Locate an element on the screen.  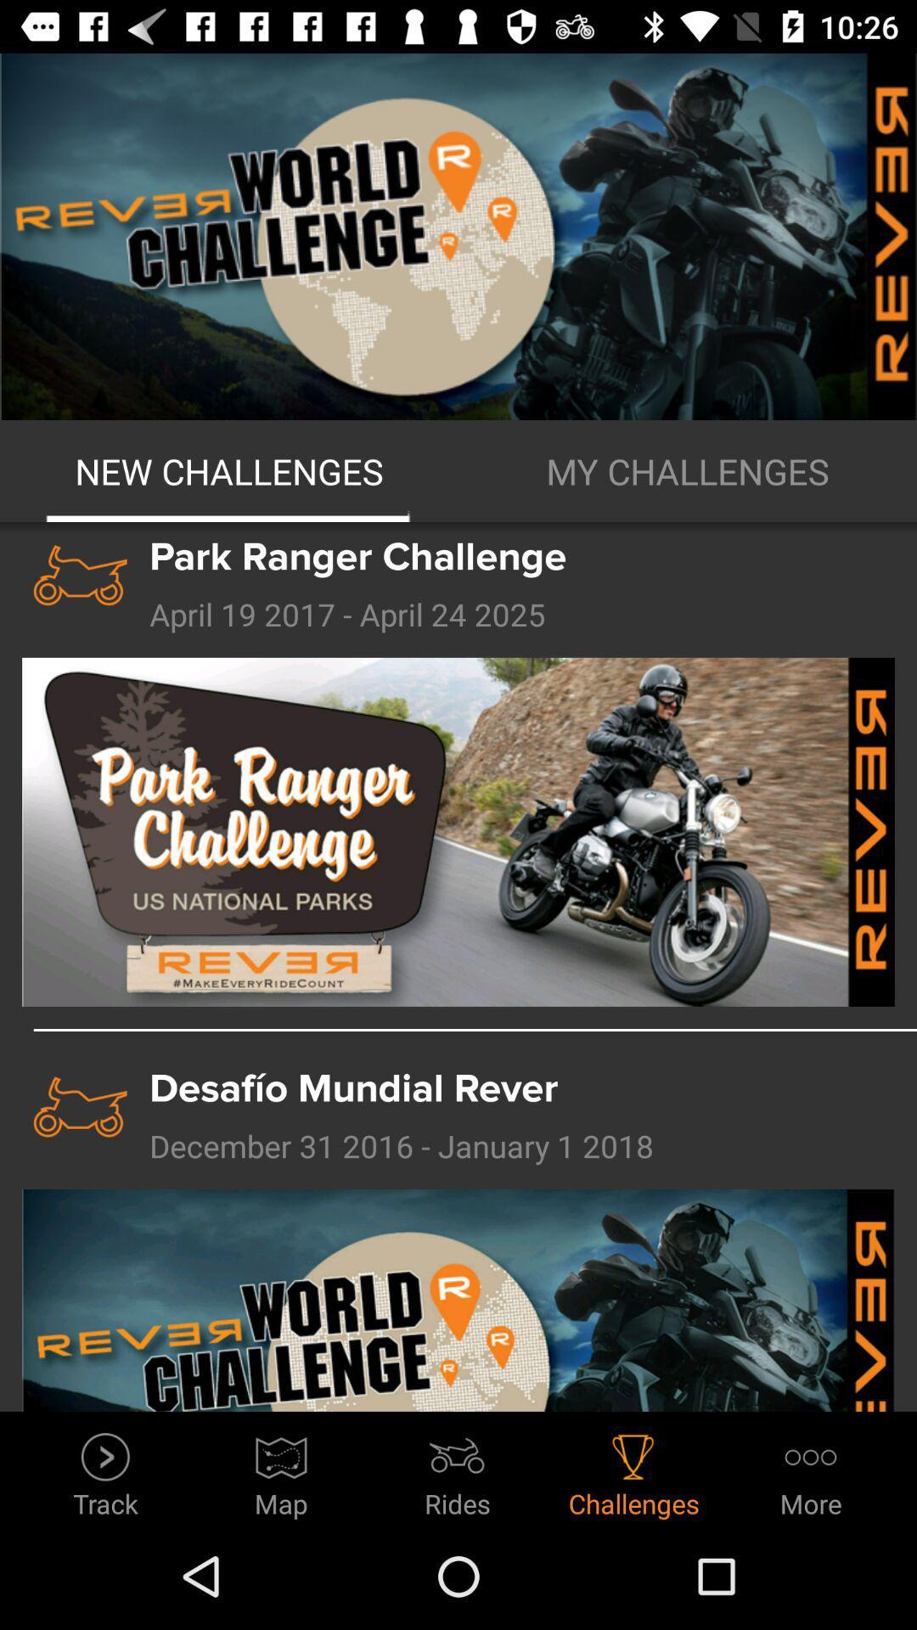
the icon next to the rides is located at coordinates (280, 1470).